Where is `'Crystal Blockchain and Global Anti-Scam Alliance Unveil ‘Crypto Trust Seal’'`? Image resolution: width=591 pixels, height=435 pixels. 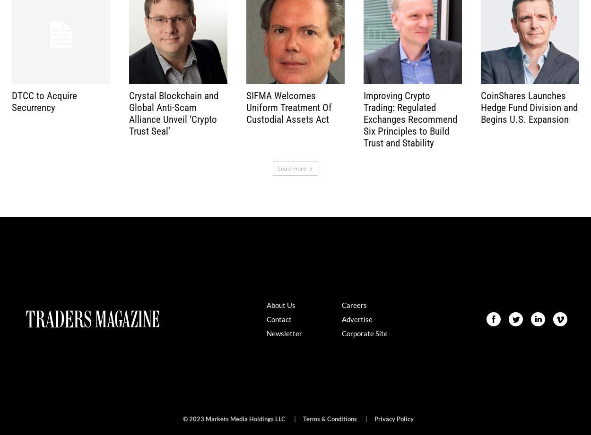
'Crystal Blockchain and Global Anti-Scam Alliance Unveil ‘Crypto Trust Seal’' is located at coordinates (129, 112).